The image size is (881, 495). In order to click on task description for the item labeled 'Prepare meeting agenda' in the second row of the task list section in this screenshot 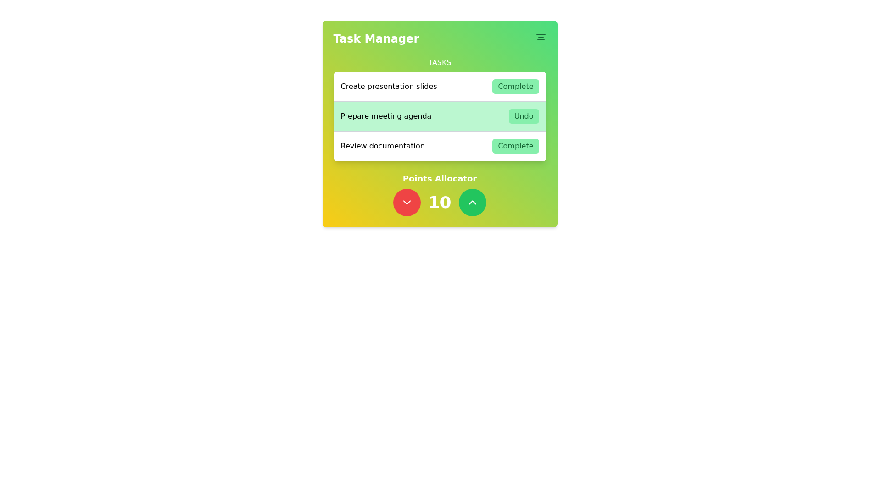, I will do `click(439, 116)`.